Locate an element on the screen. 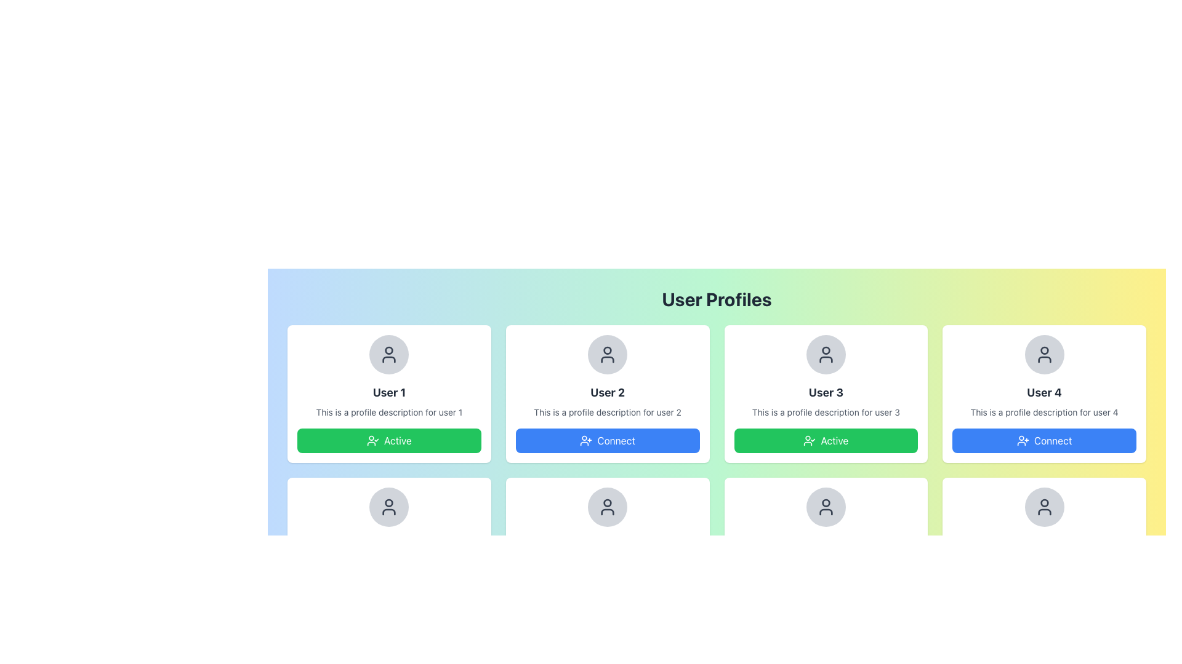  the circular user avatar icon with a red feature located in the header of the 'User 4' card is located at coordinates (1043, 350).